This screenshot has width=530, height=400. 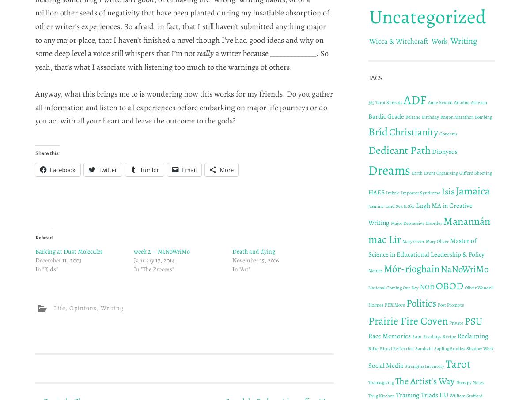 What do you see at coordinates (458, 363) in the screenshot?
I see `'Tarot'` at bounding box center [458, 363].